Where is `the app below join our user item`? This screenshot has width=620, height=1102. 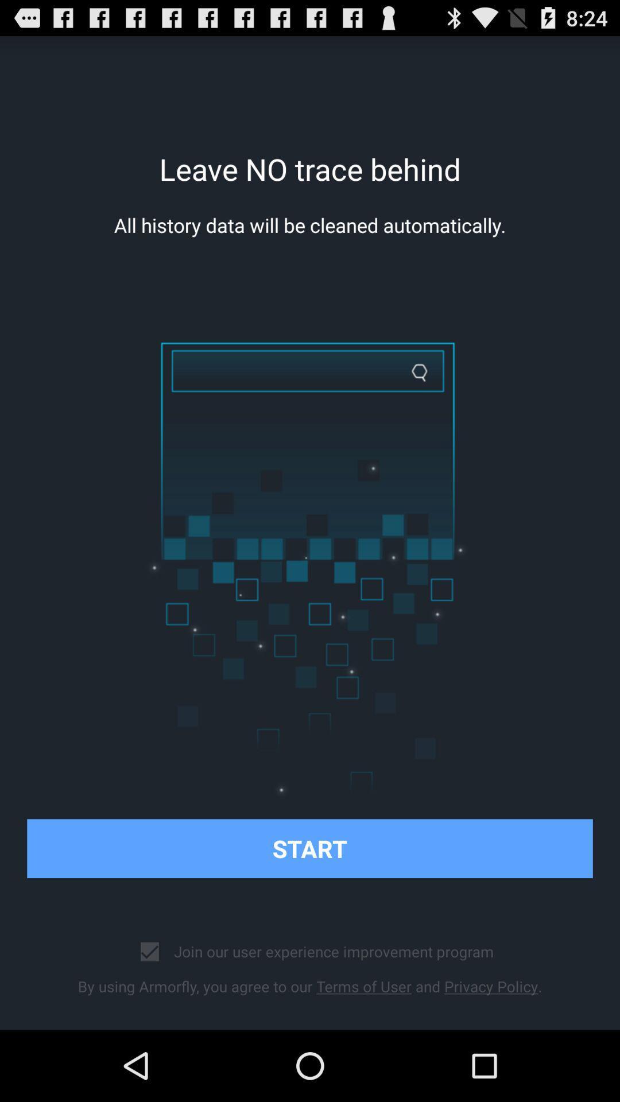
the app below join our user item is located at coordinates (310, 985).